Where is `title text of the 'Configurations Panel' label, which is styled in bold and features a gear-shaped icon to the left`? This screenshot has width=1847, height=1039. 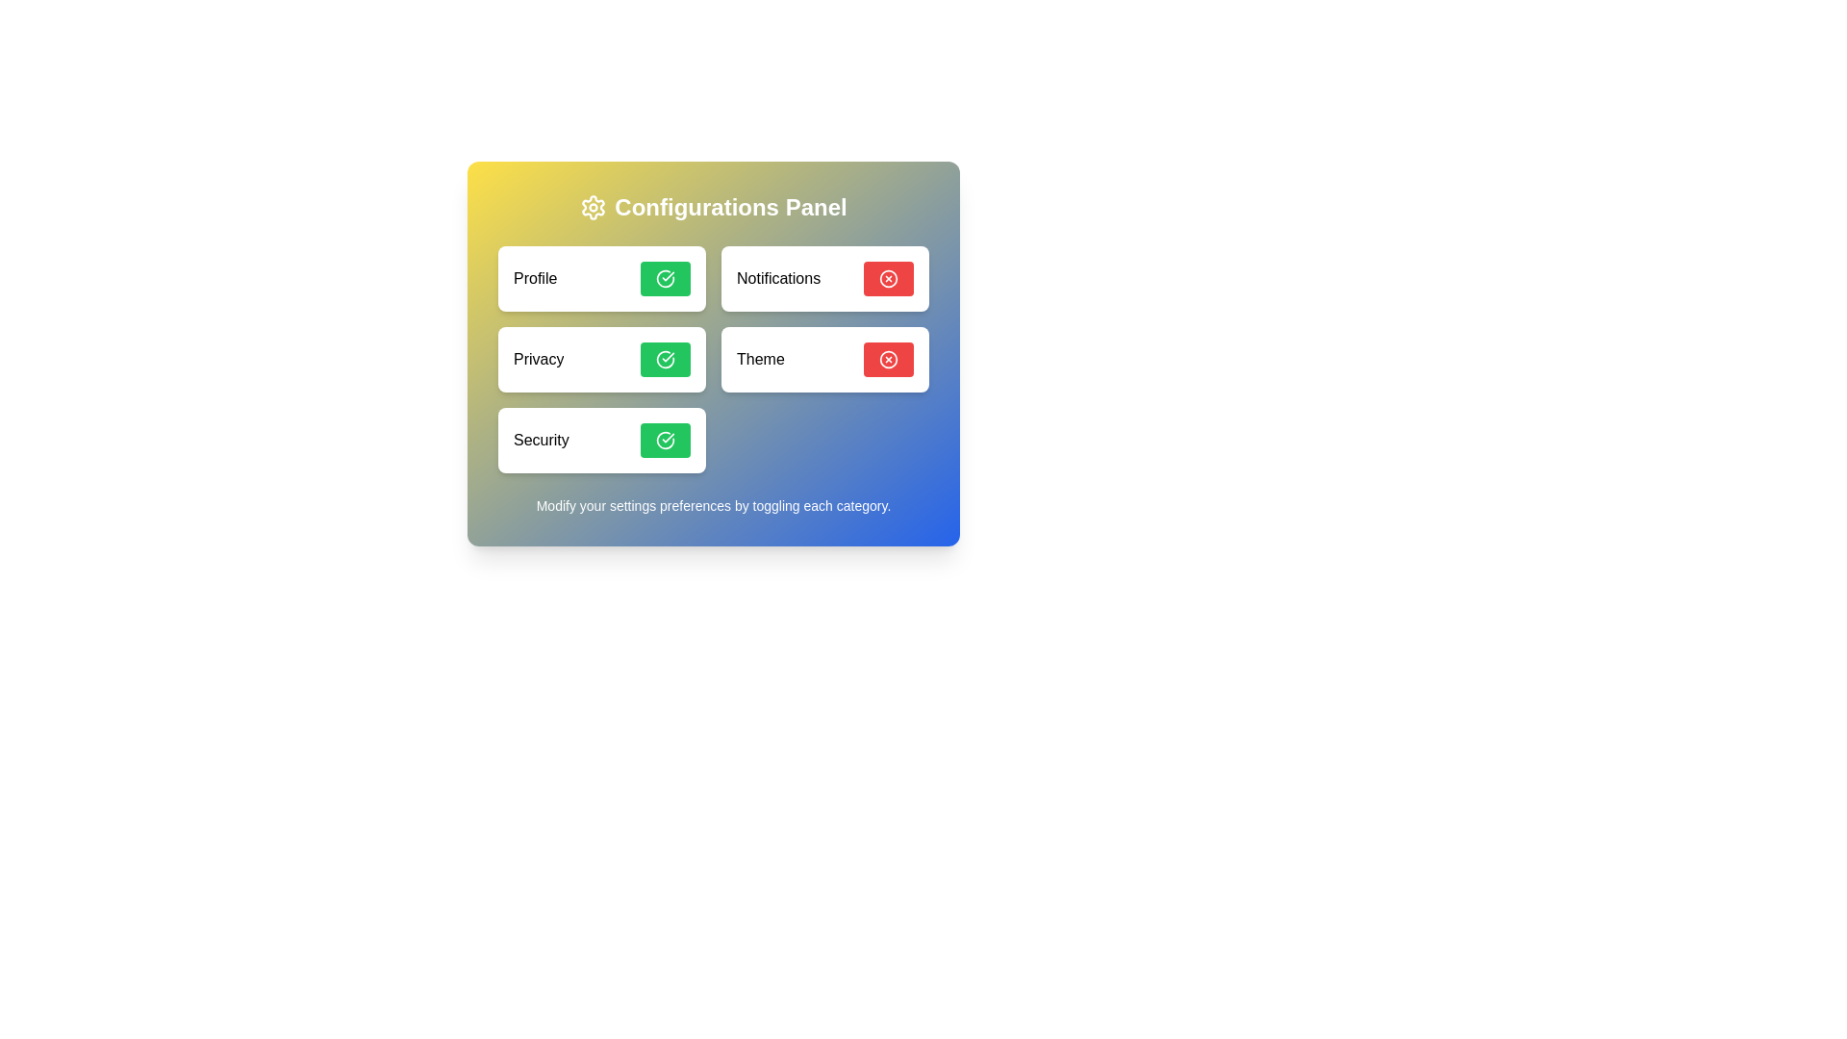 title text of the 'Configurations Panel' label, which is styled in bold and features a gear-shaped icon to the left is located at coordinates (713, 208).